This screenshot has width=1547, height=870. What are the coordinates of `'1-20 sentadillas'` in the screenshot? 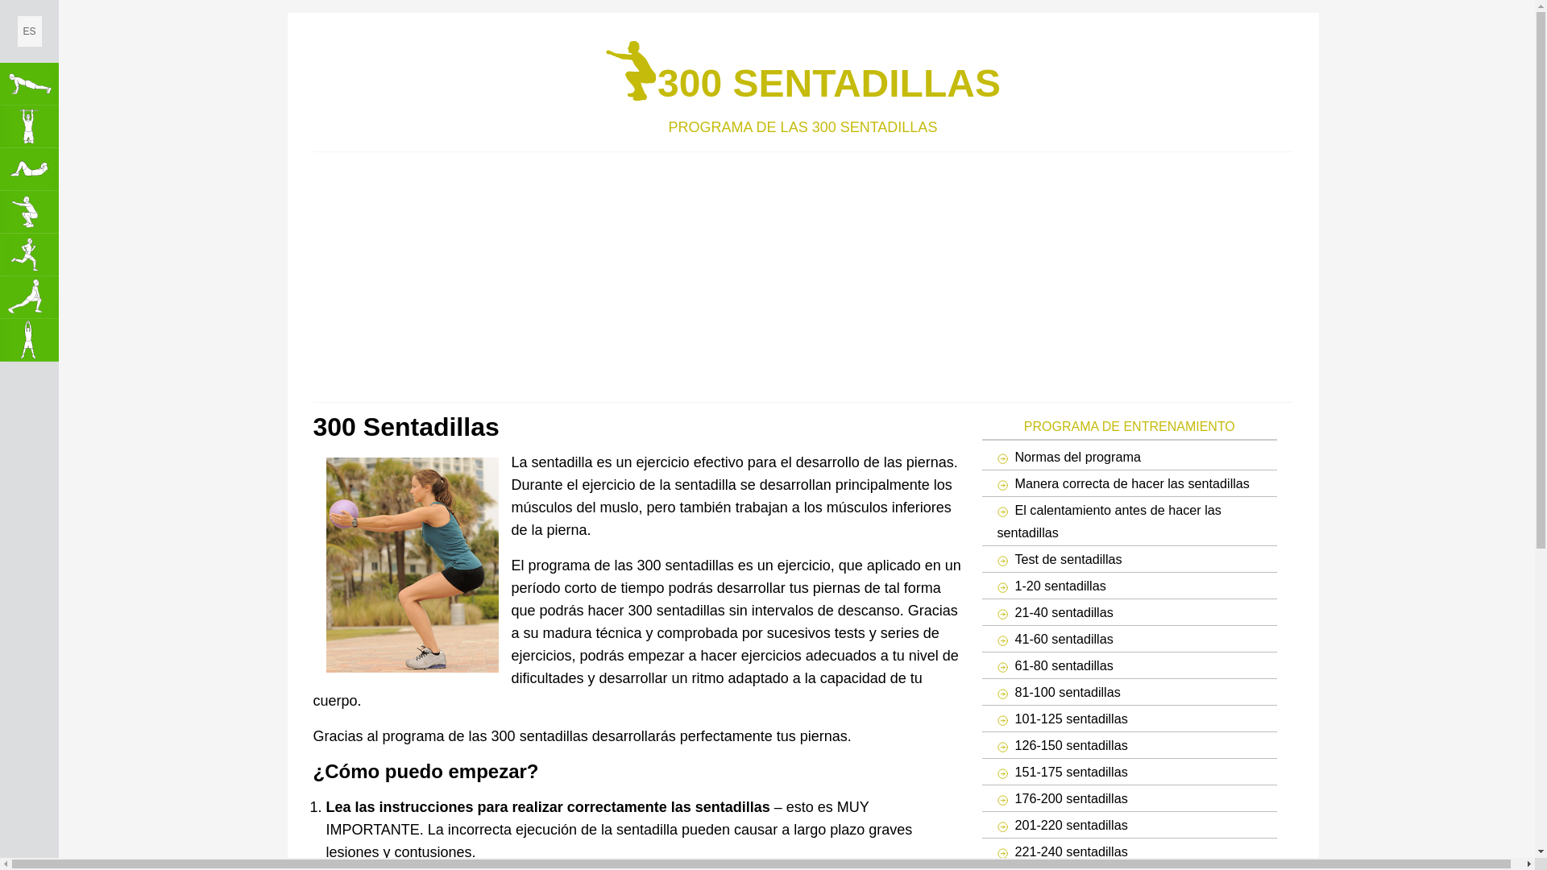 It's located at (1128, 585).